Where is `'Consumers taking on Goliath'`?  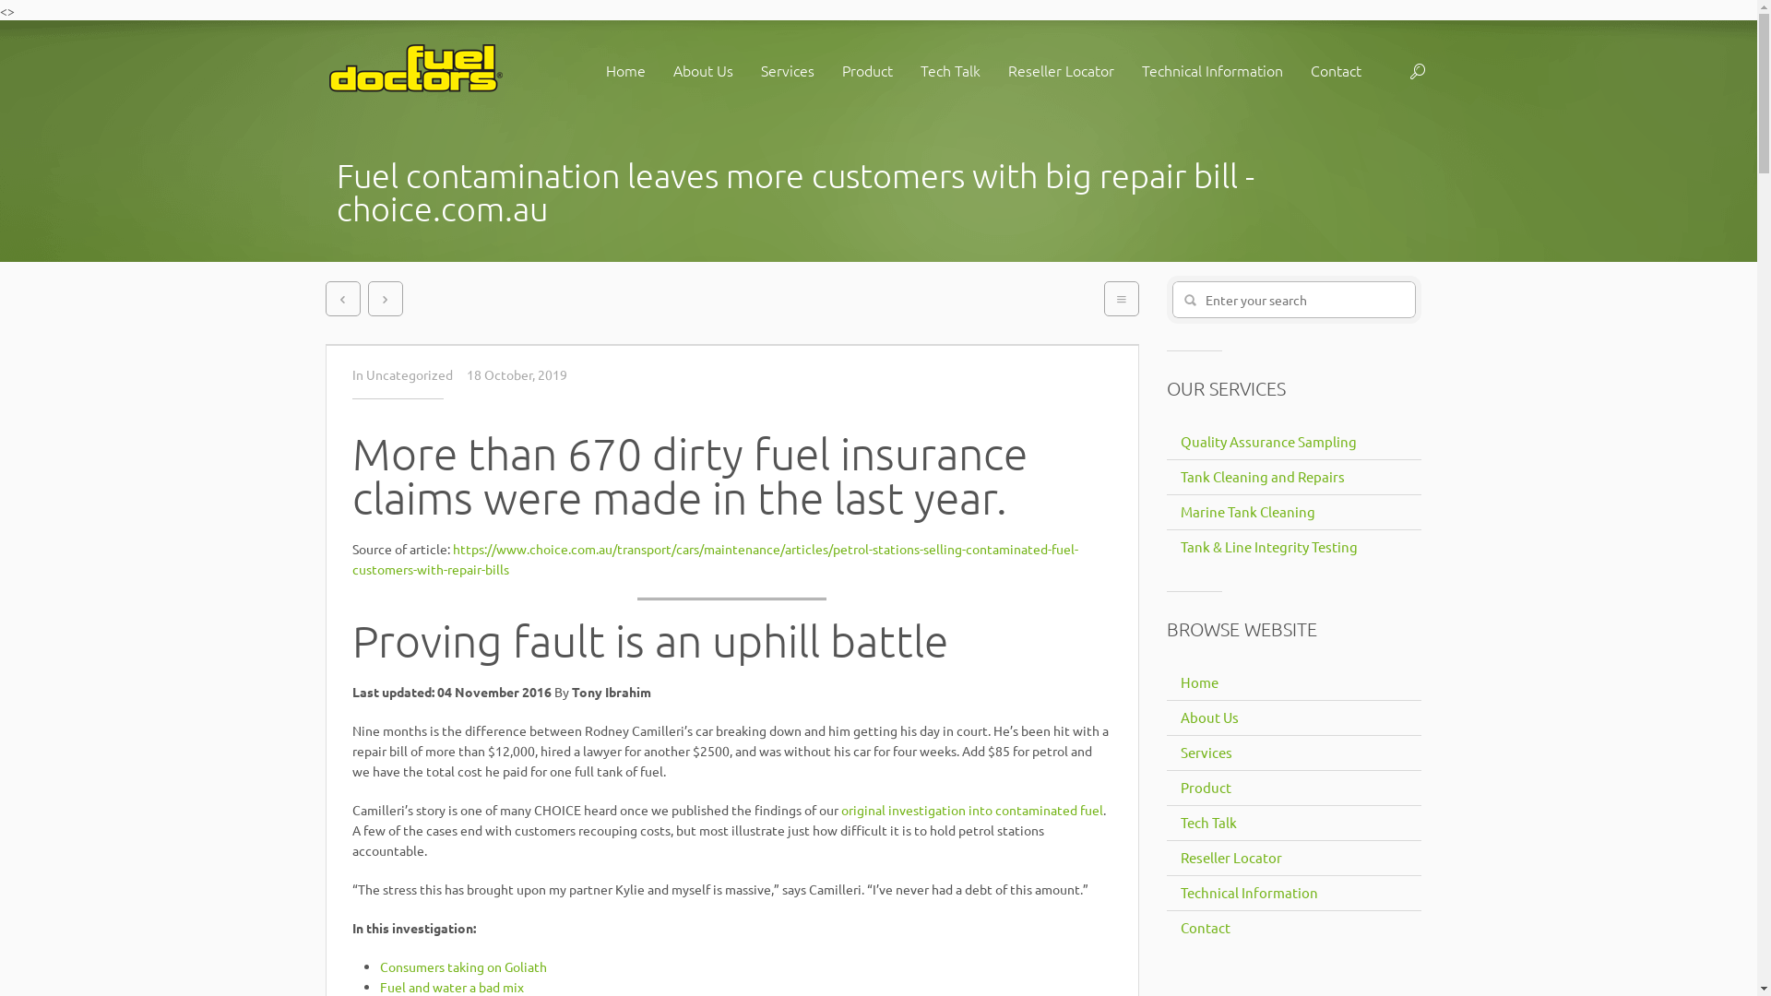
'Consumers taking on Goliath' is located at coordinates (463, 966).